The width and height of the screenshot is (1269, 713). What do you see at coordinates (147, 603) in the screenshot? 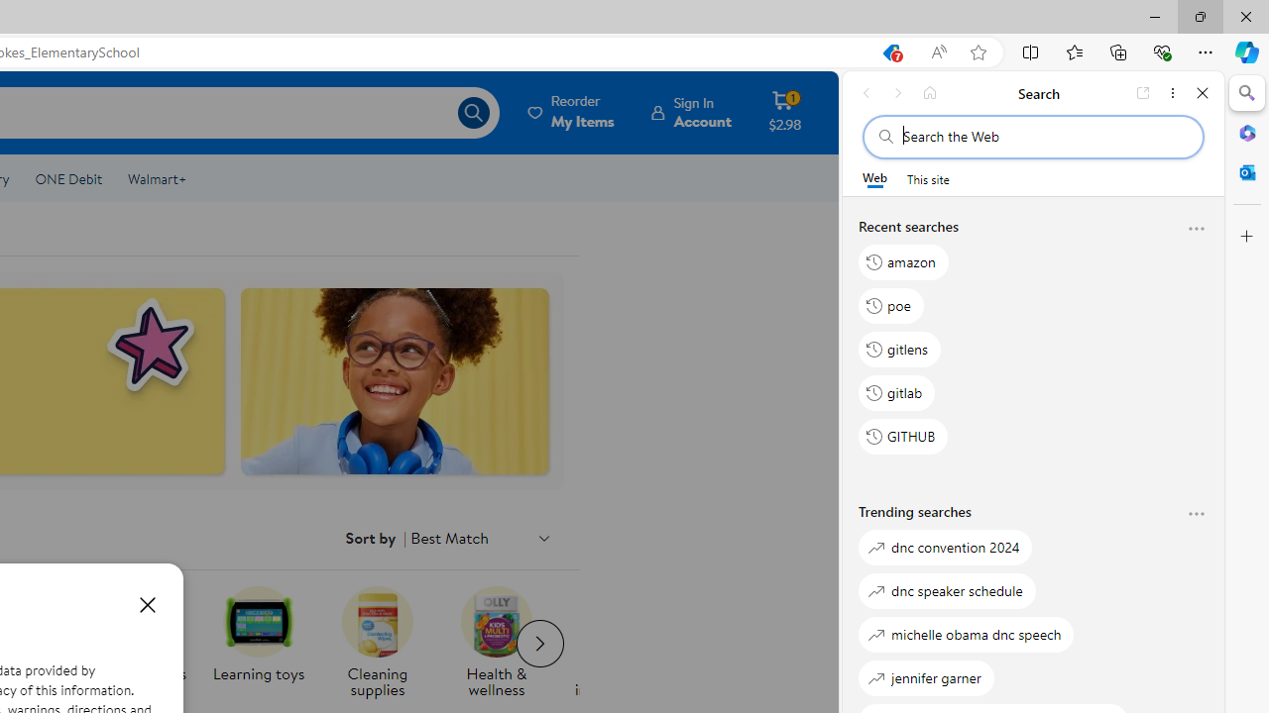
I see `'Close dialog'` at bounding box center [147, 603].